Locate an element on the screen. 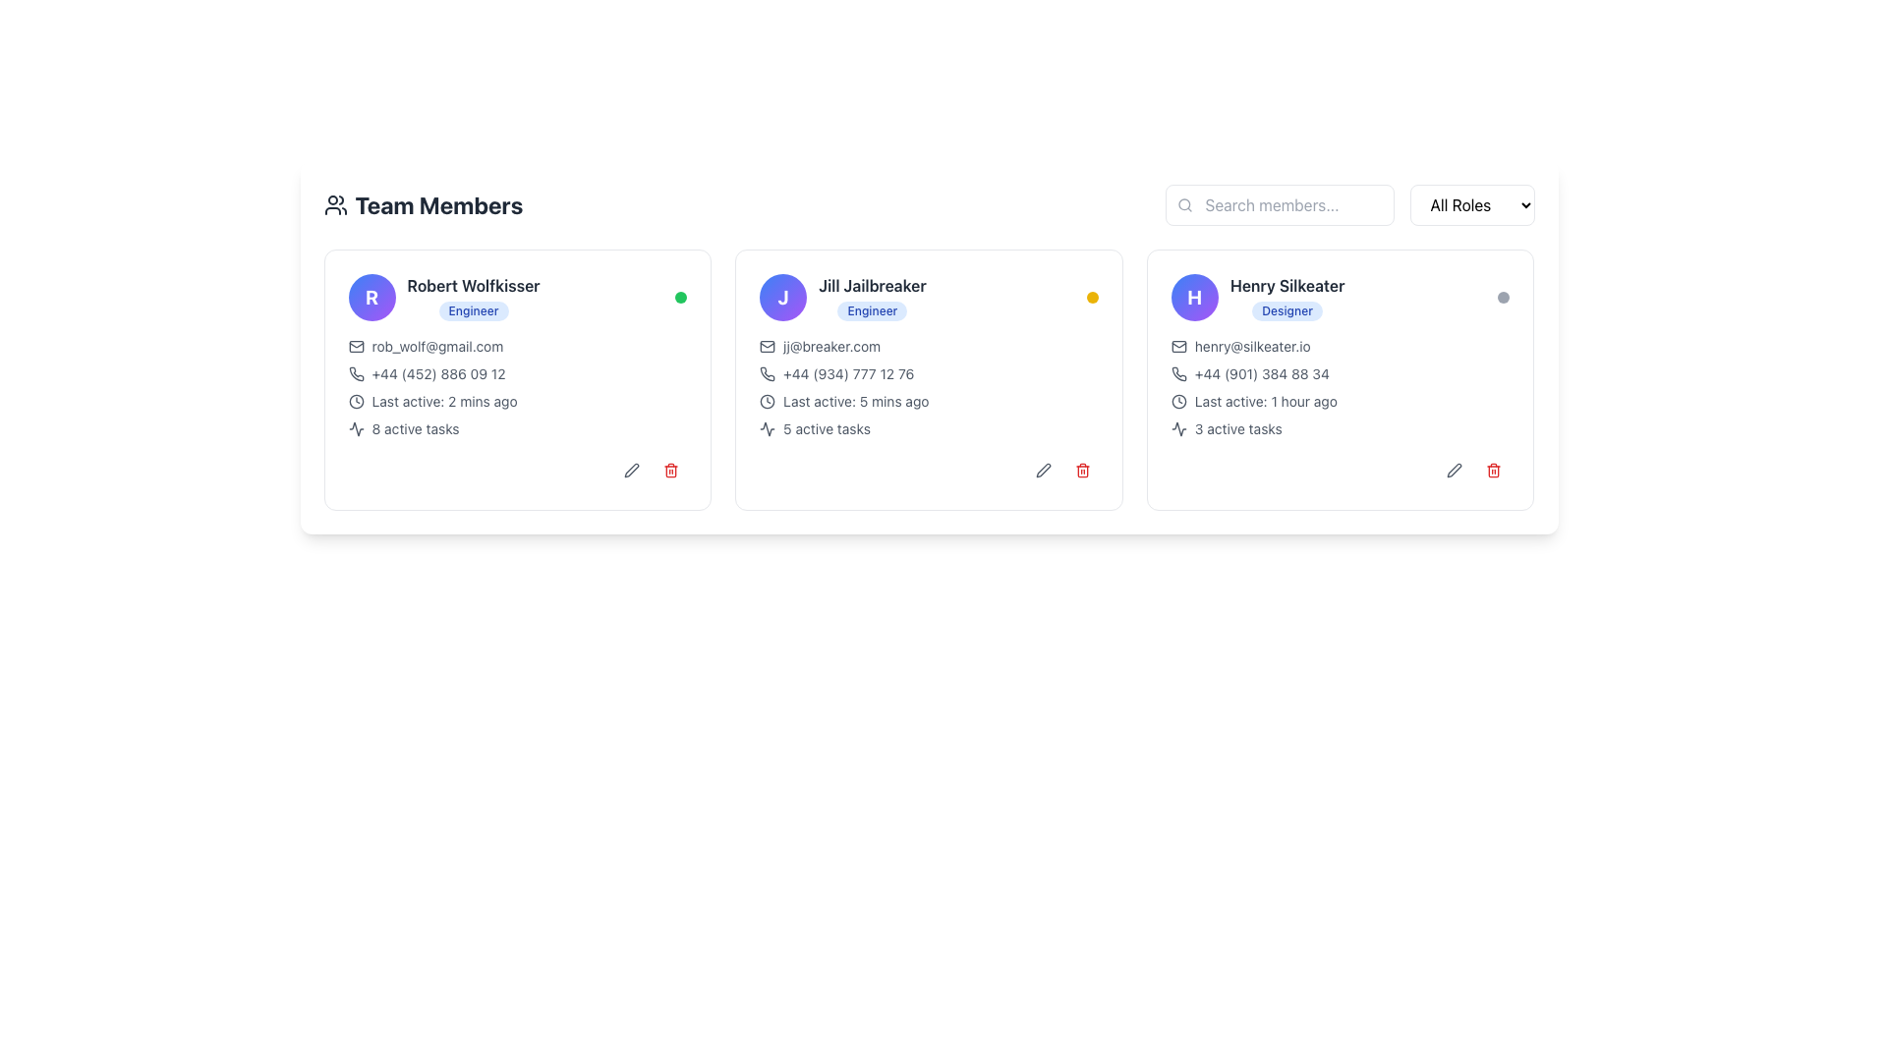 This screenshot has height=1061, width=1887. the SVG icon of a phone receiver located in the contact details row of the second team member card is located at coordinates (767, 374).